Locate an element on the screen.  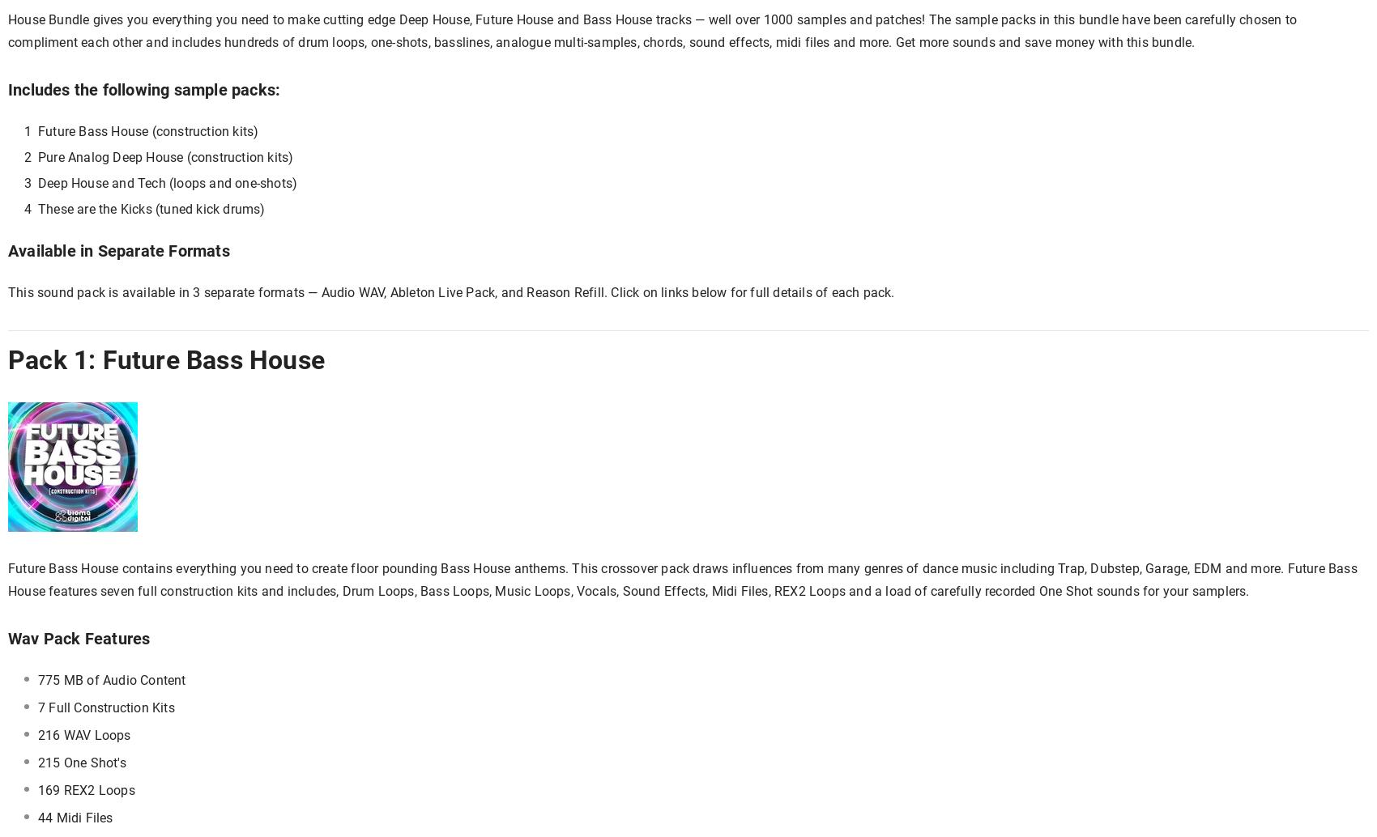
'215 One Shot's' is located at coordinates (81, 762).